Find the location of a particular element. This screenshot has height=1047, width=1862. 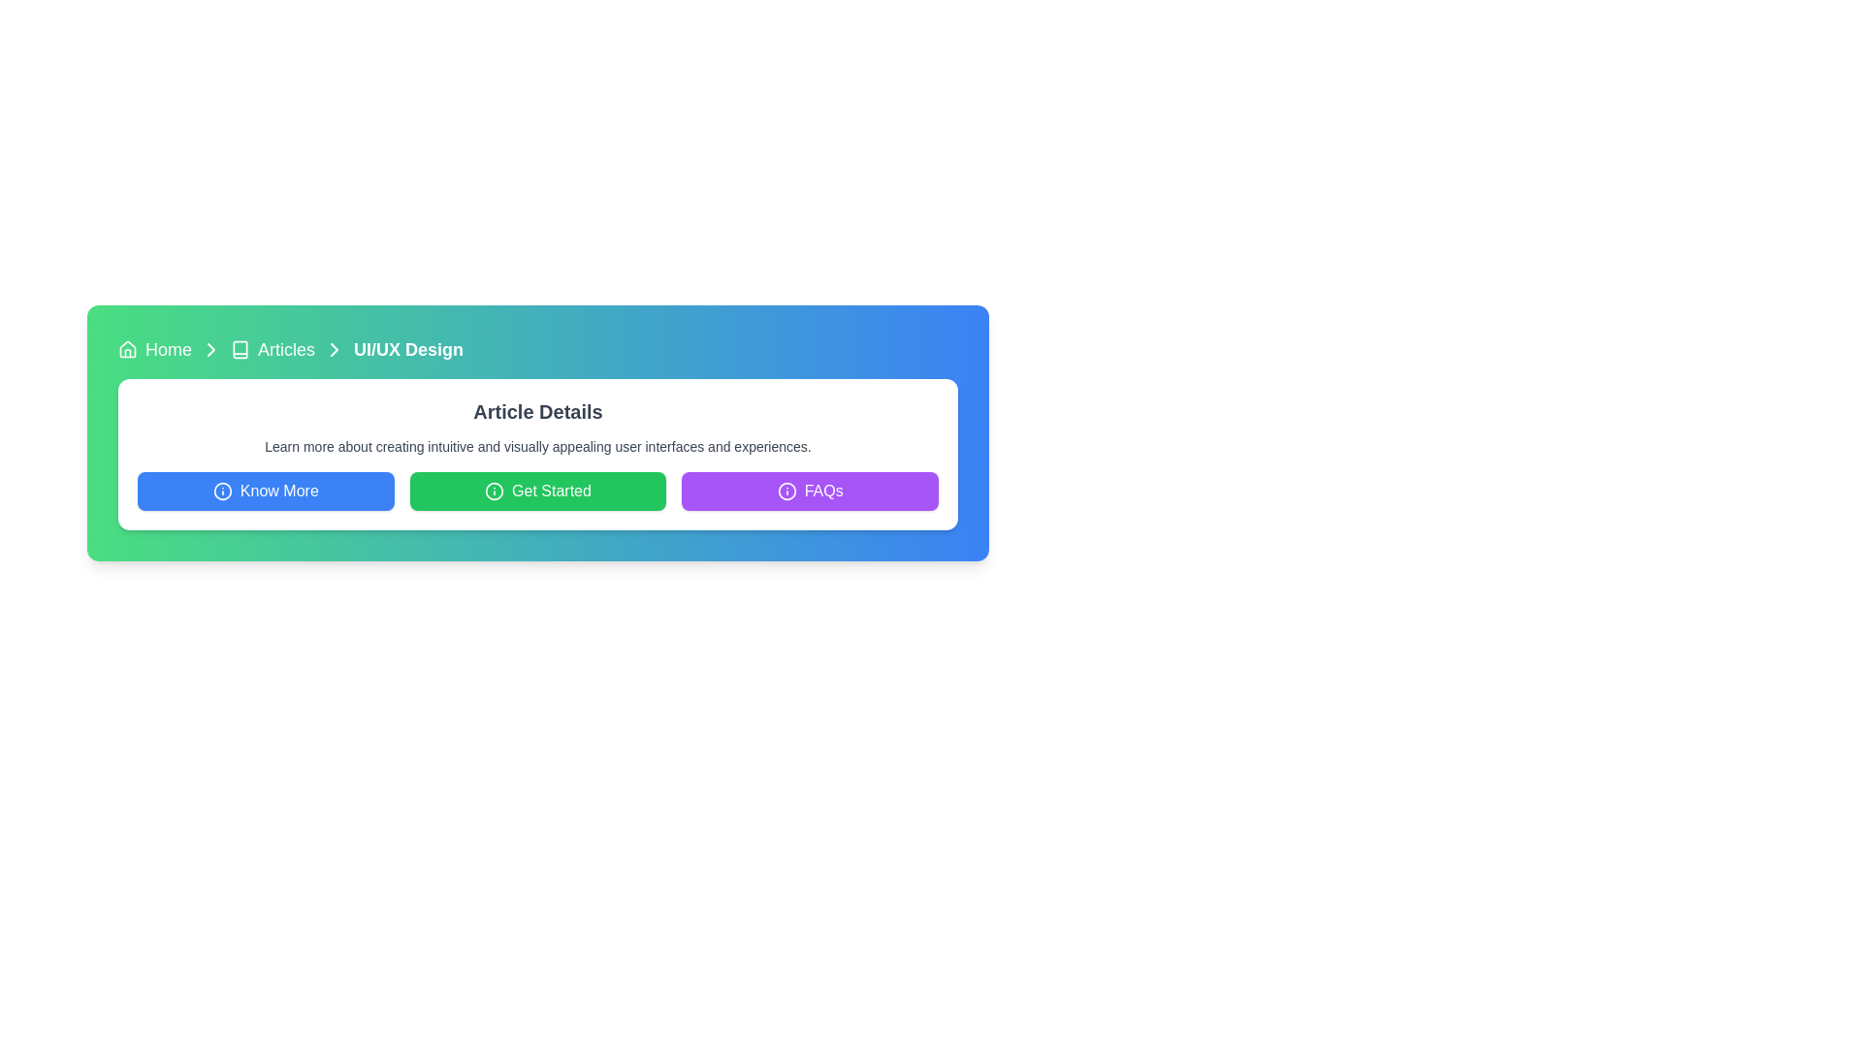

the 'Get Started' button, which is a green button with white text and an accompanying icon on the left, to observe its hover-state styling is located at coordinates (538, 490).